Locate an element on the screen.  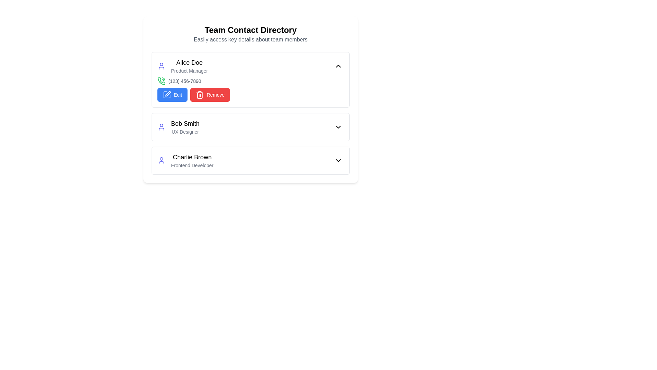
the Profile information display, which is the first profile entry in the contact directory interface, centrally positioned with a profile icon to the left is located at coordinates (182, 66).